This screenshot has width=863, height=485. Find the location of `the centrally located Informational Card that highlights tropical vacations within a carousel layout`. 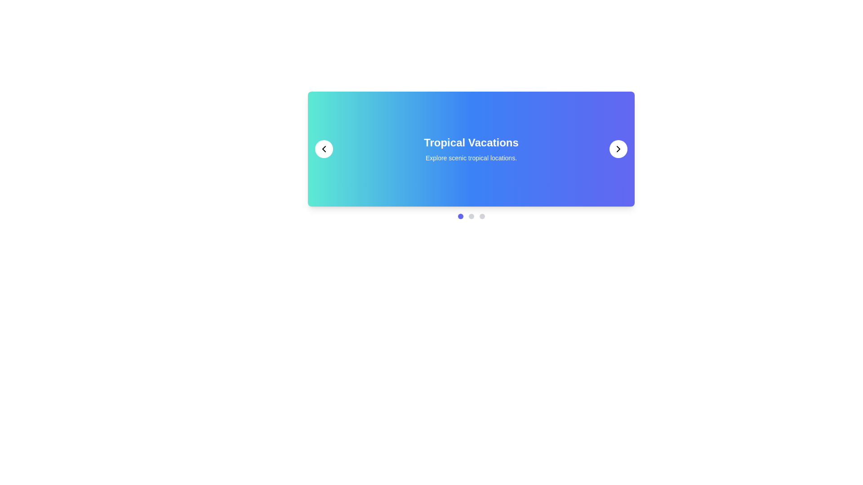

the centrally located Informational Card that highlights tropical vacations within a carousel layout is located at coordinates (471, 148).